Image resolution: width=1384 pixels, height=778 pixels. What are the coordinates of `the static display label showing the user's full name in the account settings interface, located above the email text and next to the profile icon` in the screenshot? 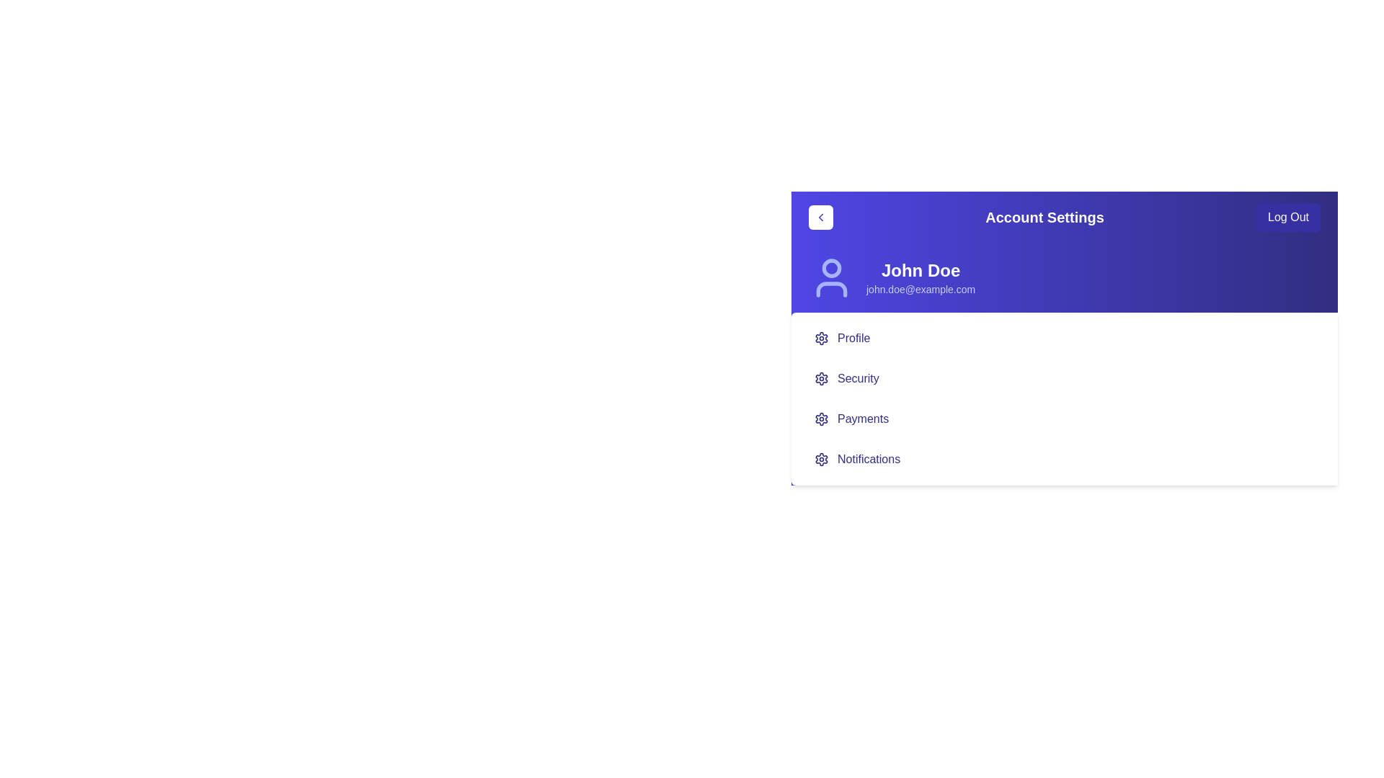 It's located at (920, 270).